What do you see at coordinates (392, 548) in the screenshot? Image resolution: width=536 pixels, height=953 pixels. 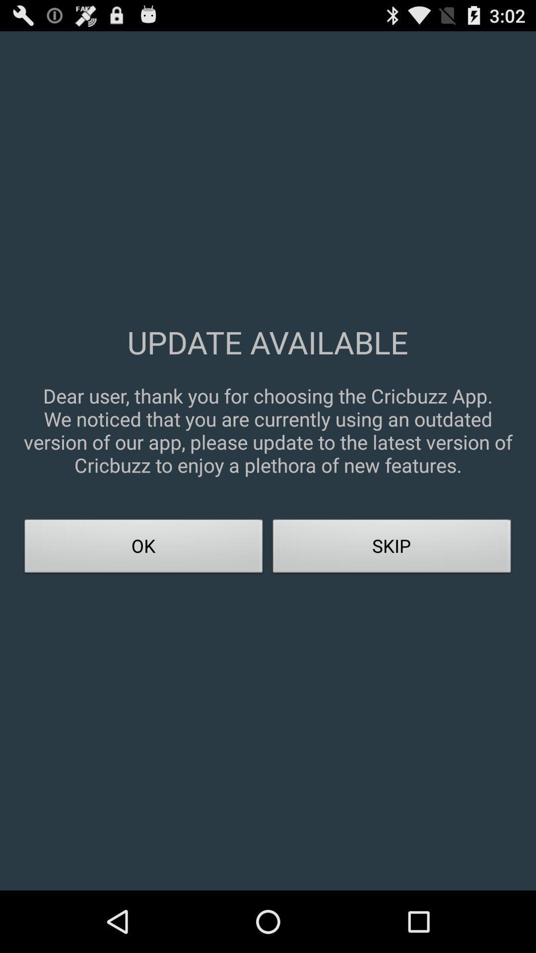 I see `item below the dear user thank` at bounding box center [392, 548].